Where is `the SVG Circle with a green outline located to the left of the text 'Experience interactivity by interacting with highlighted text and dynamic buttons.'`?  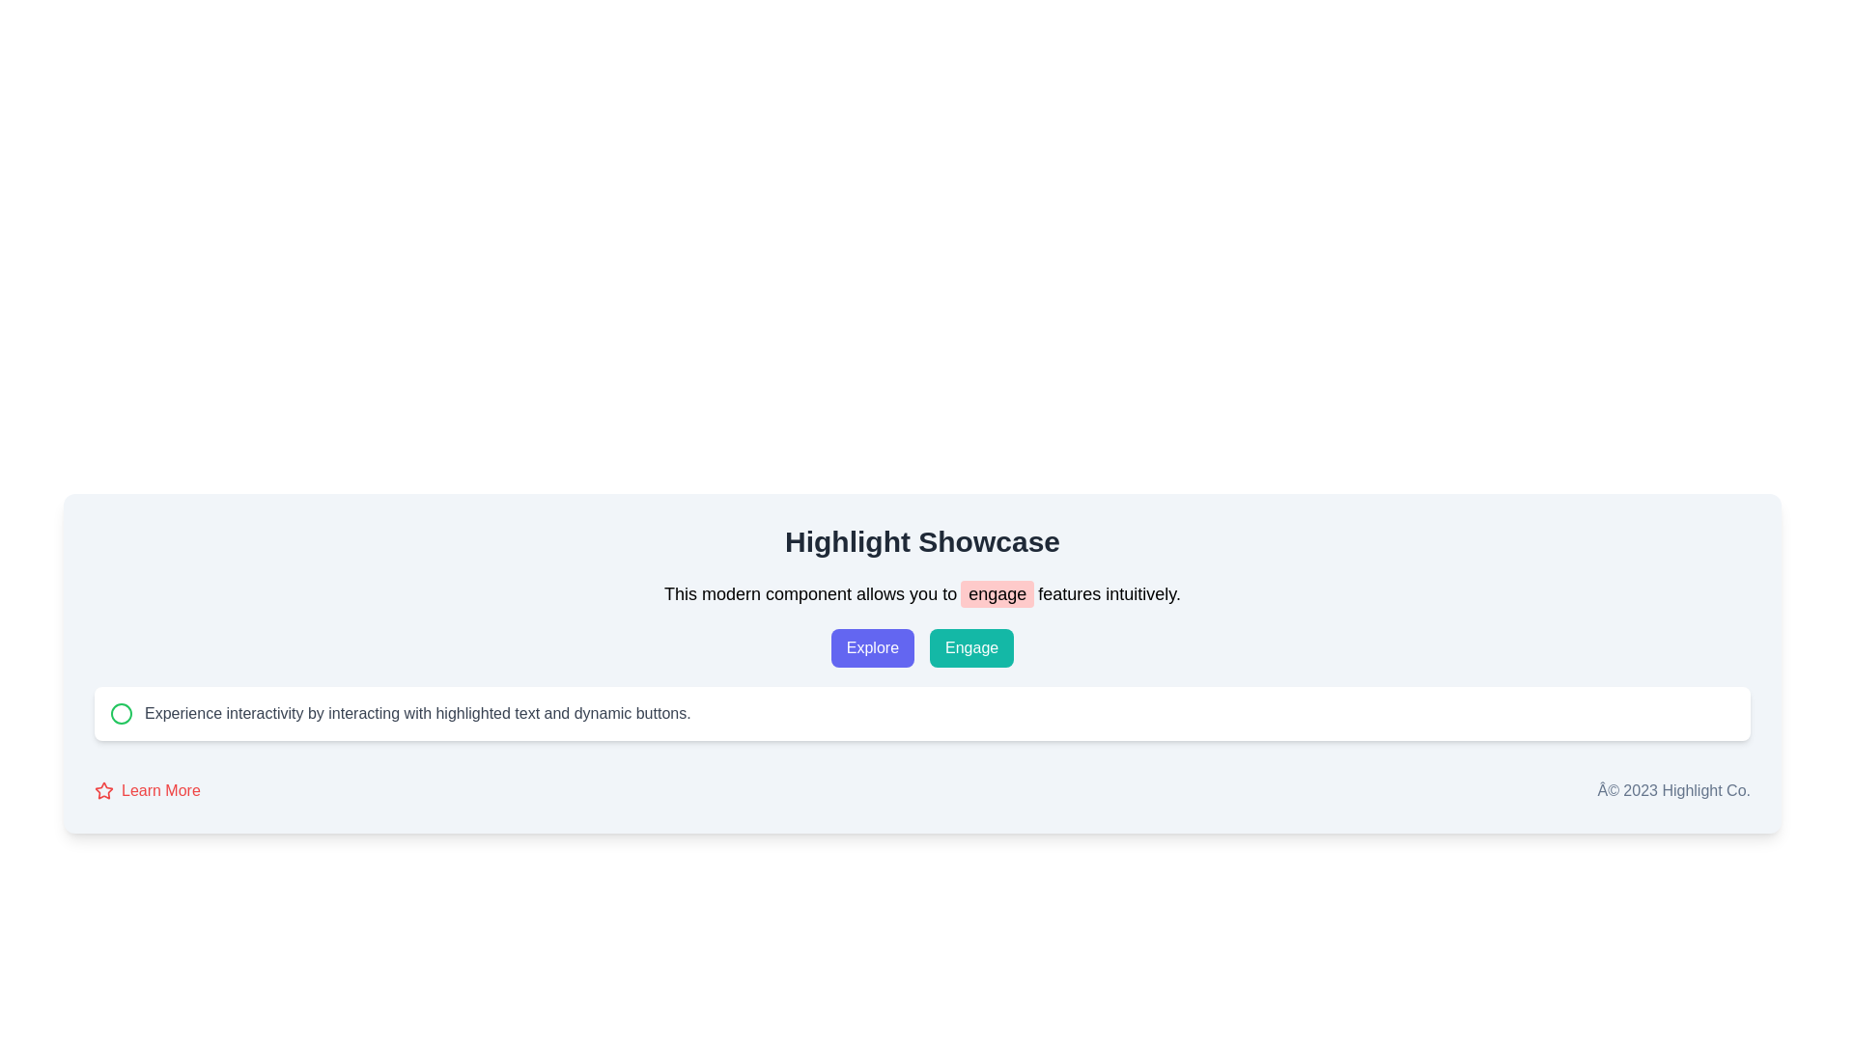
the SVG Circle with a green outline located to the left of the text 'Experience interactivity by interacting with highlighted text and dynamic buttons.' is located at coordinates (120, 714).